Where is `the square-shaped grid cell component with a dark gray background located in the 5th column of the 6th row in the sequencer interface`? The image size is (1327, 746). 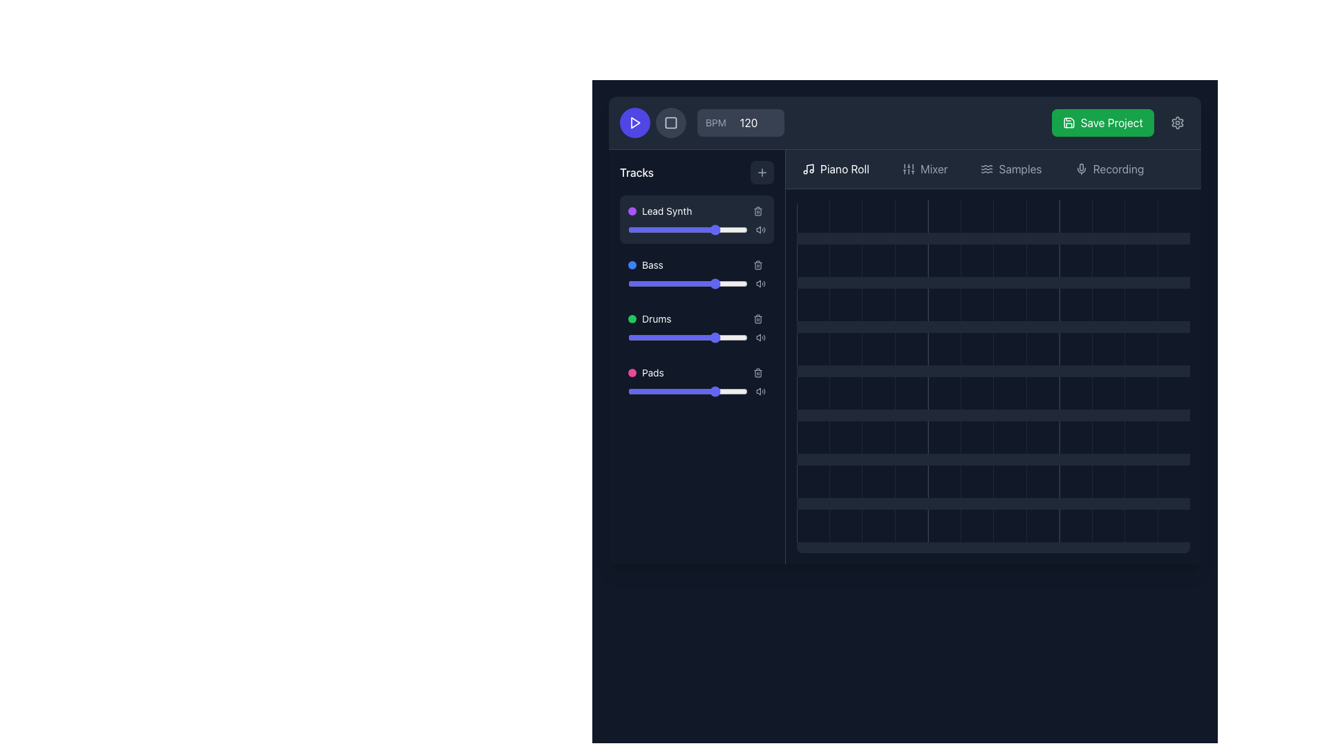 the square-shaped grid cell component with a dark gray background located in the 5th column of the 6th row in the sequencer interface is located at coordinates (911, 437).